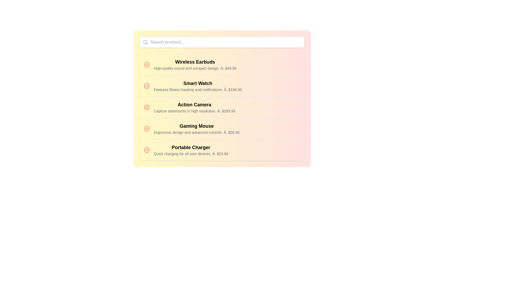 Image resolution: width=507 pixels, height=285 pixels. Describe the element at coordinates (196, 129) in the screenshot. I see `the text block displaying 'Gaming Mouse' which includes its description and price, the fourth product listing in the vertical stack` at that location.